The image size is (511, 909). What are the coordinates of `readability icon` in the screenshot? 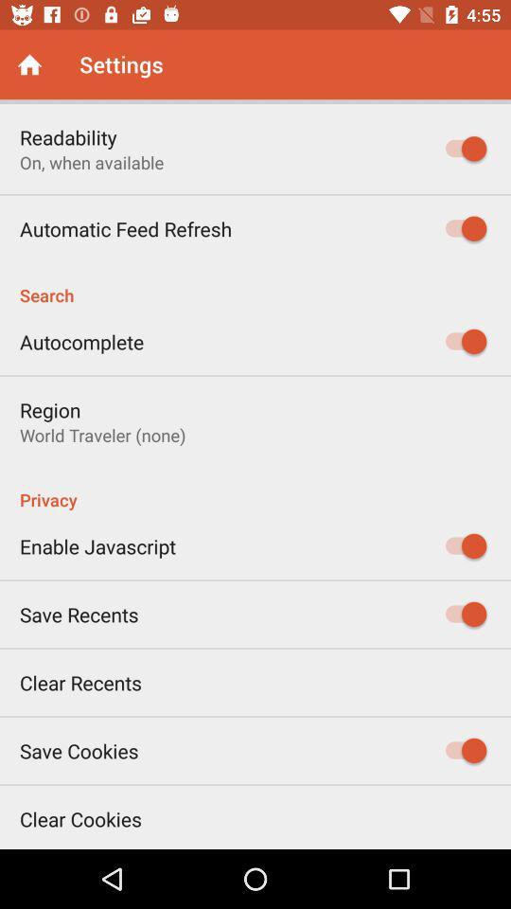 It's located at (67, 136).